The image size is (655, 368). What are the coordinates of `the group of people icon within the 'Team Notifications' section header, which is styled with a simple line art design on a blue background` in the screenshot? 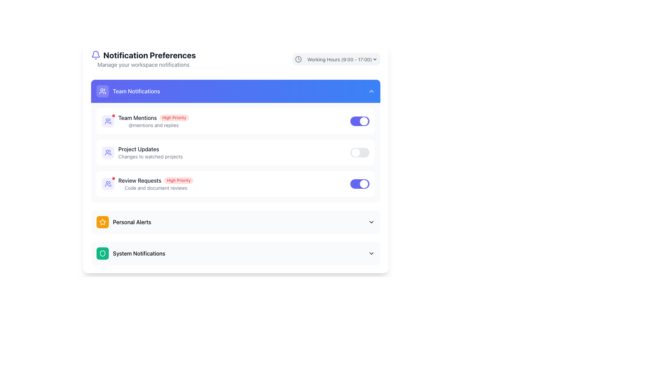 It's located at (102, 91).